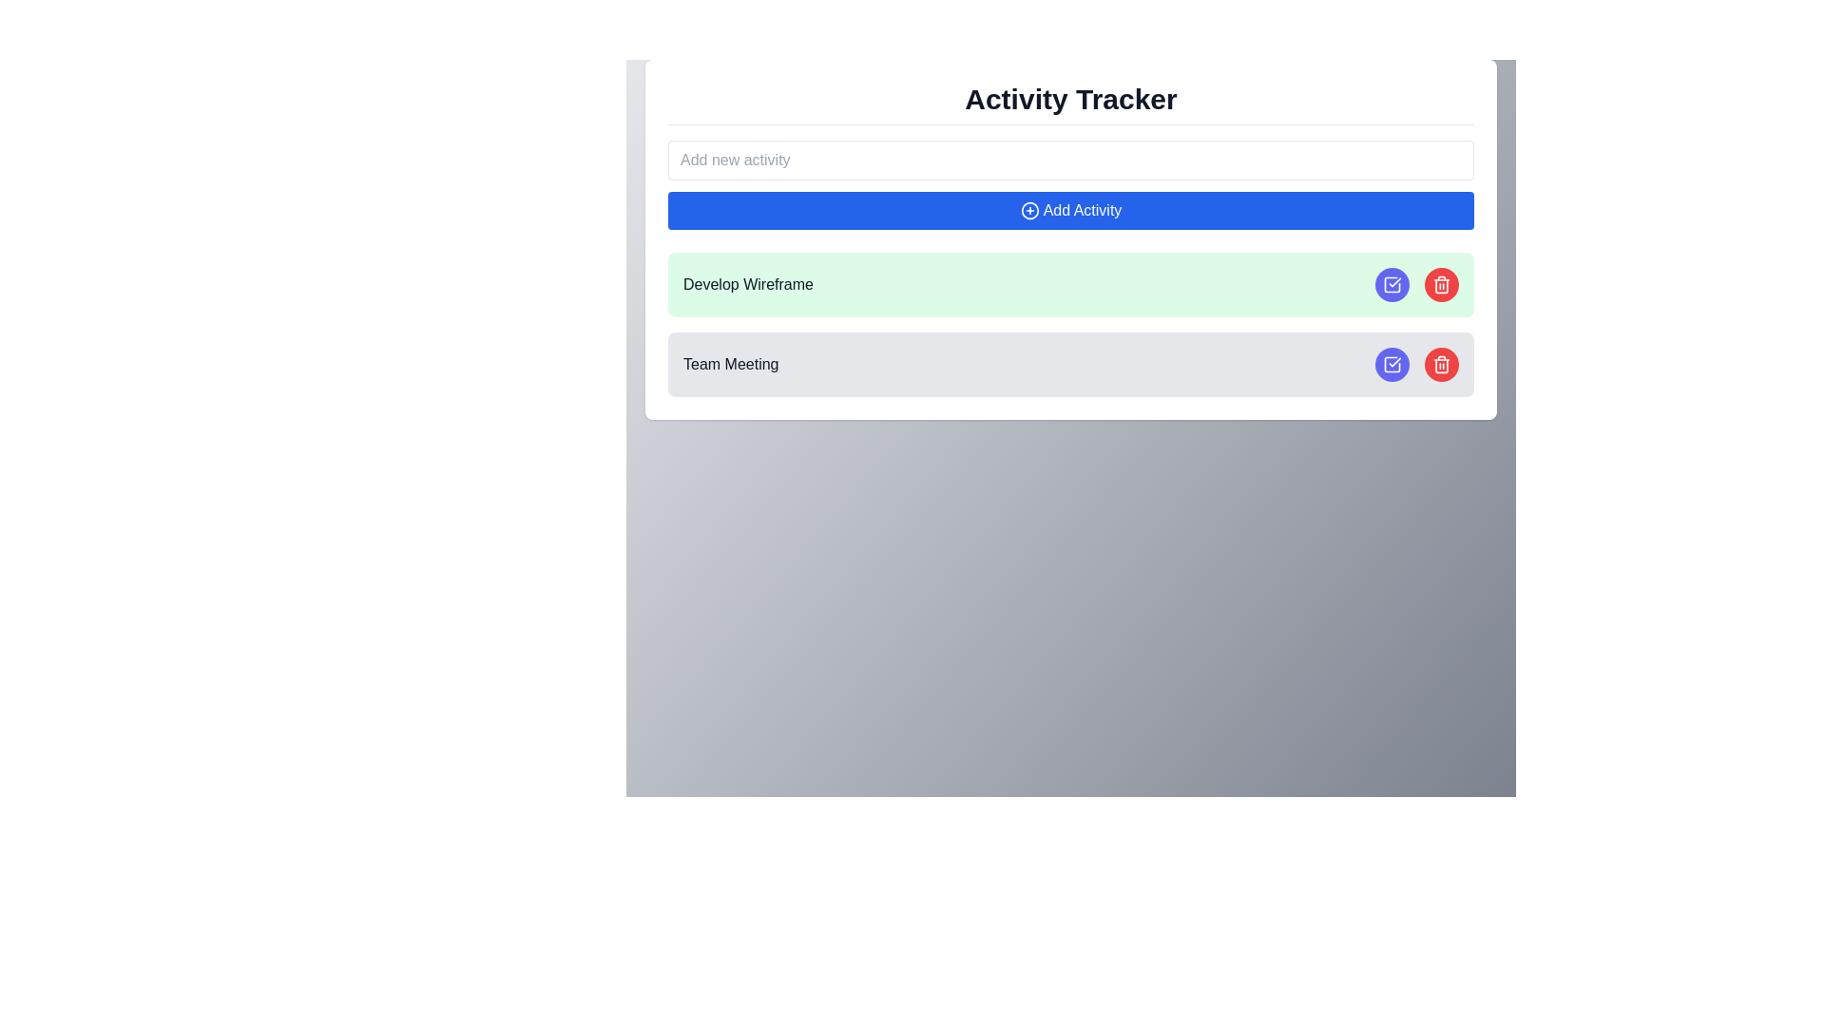 The height and width of the screenshot is (1026, 1825). Describe the element at coordinates (1392, 365) in the screenshot. I see `the square icon with a checkmark inside the purple background, located within the light blue circular button on the right side of the 'Team Meeting' list item` at that location.